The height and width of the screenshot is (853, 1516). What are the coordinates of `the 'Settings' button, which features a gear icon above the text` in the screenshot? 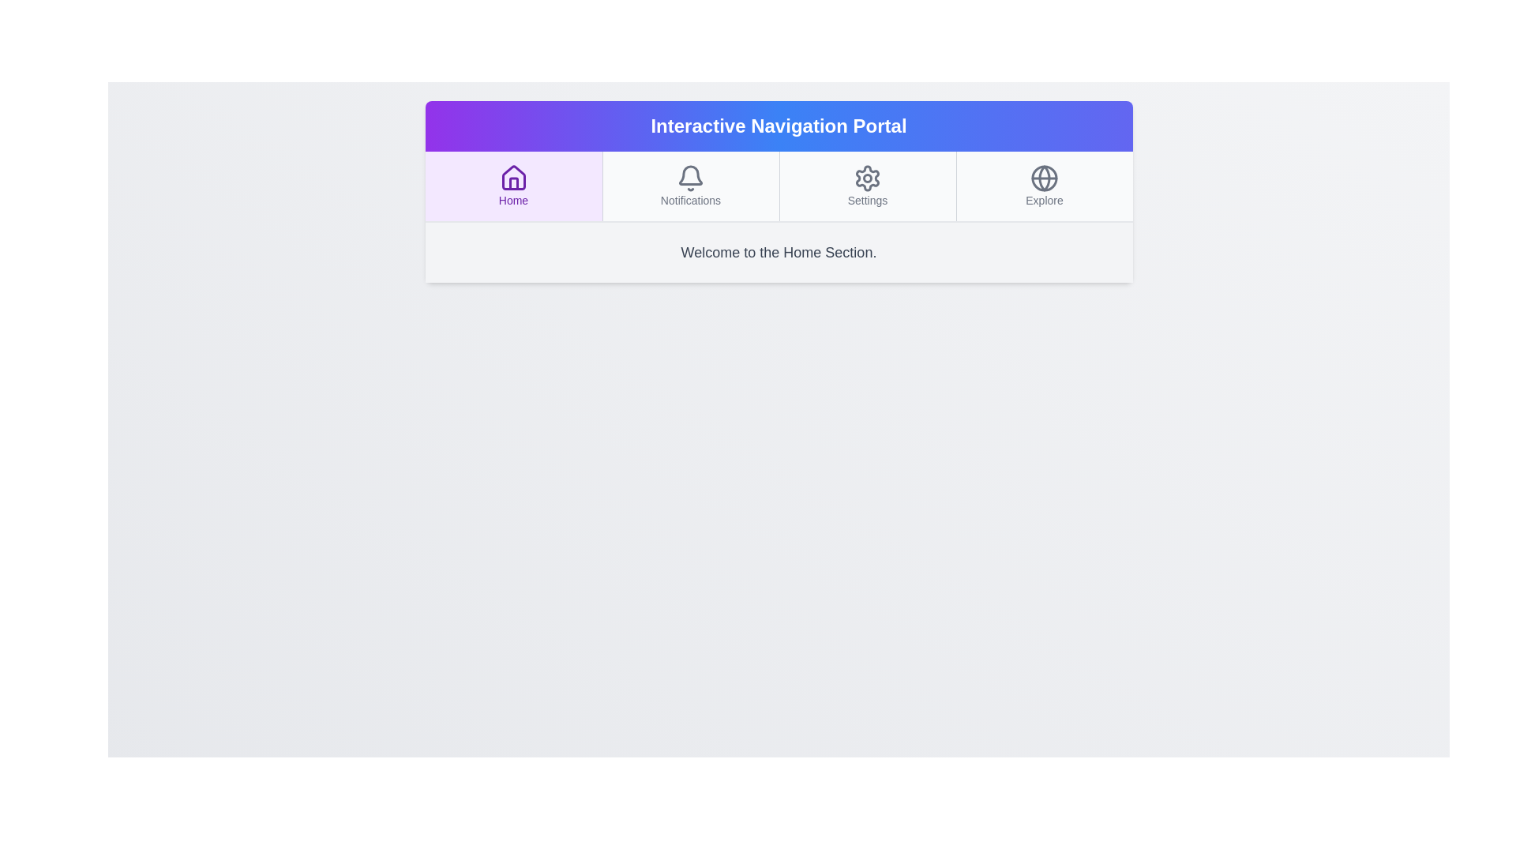 It's located at (866, 185).